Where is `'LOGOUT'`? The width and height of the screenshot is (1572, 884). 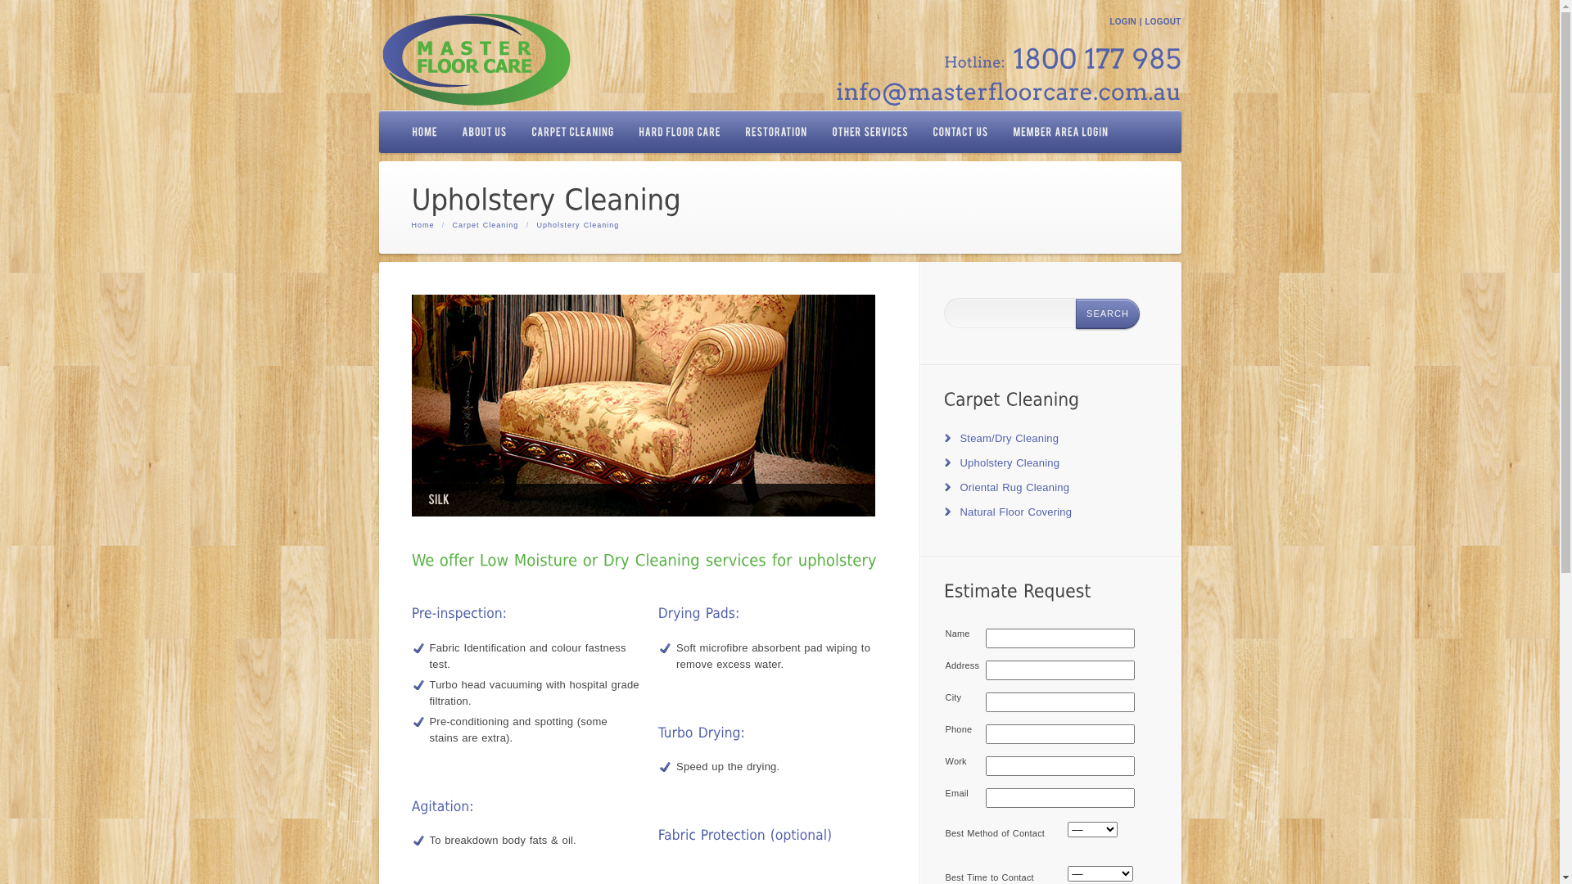 'LOGOUT' is located at coordinates (1162, 21).